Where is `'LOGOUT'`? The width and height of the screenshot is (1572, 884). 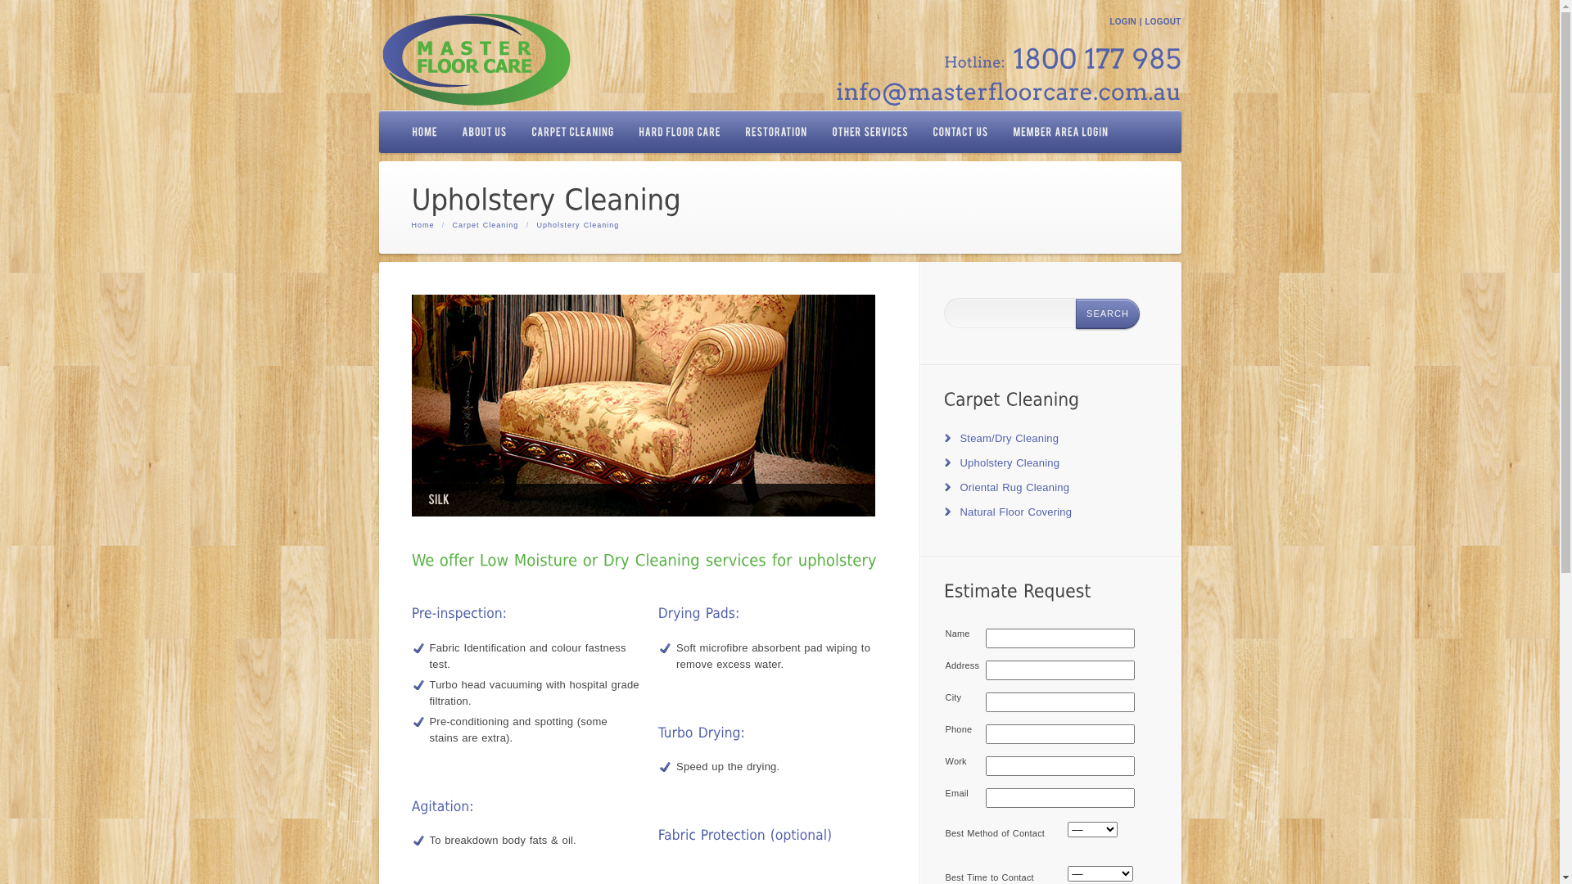 'LOGOUT' is located at coordinates (1162, 21).